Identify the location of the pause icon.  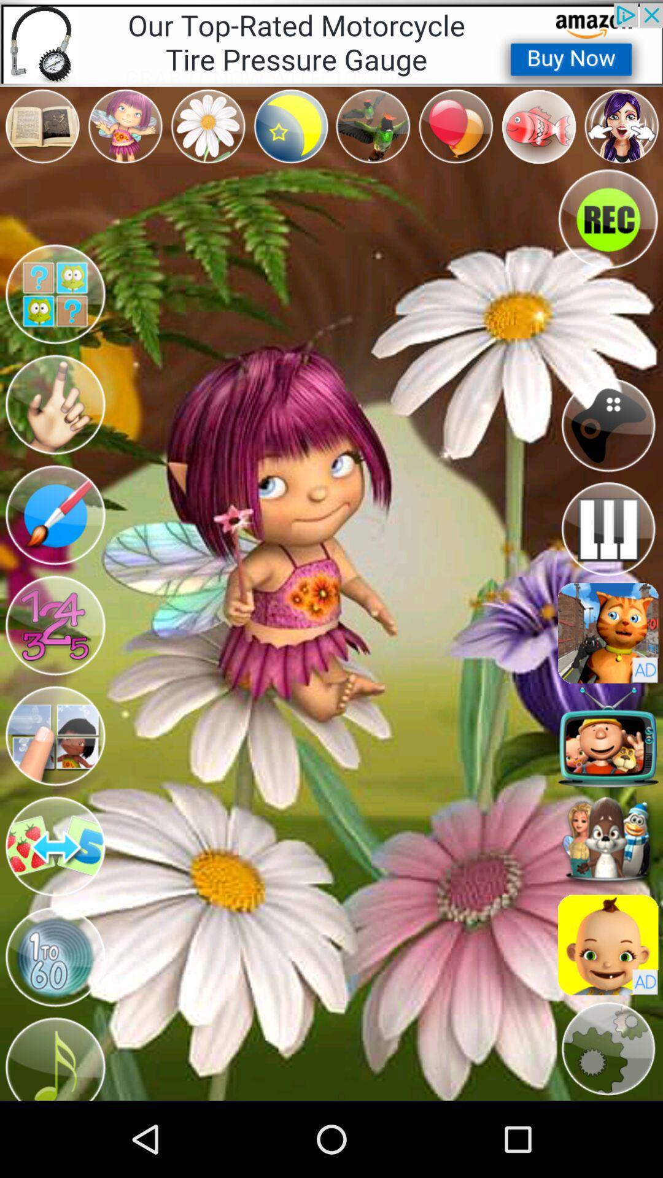
(608, 566).